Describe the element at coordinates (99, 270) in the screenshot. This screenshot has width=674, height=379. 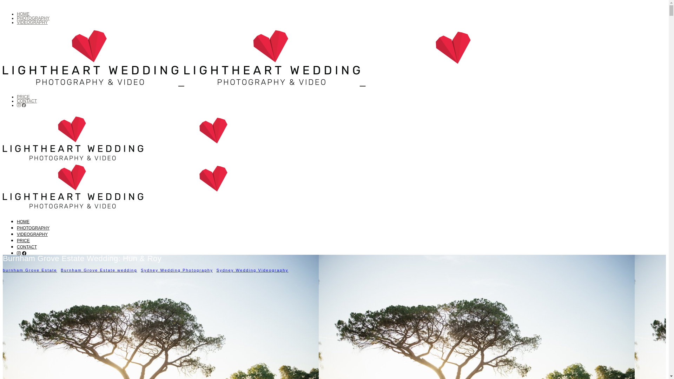
I see `'Burnham Grove Estate wedding'` at that location.